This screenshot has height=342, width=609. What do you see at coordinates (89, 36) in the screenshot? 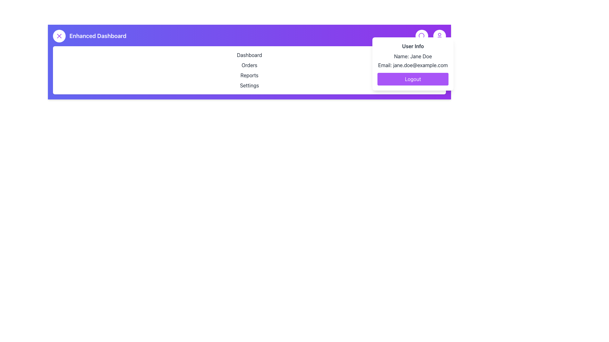
I see `the static text label that reads 'Enhanced Dashboard', which is styled in bold and located in the purple header bar near the top-left corner of the interface` at bounding box center [89, 36].